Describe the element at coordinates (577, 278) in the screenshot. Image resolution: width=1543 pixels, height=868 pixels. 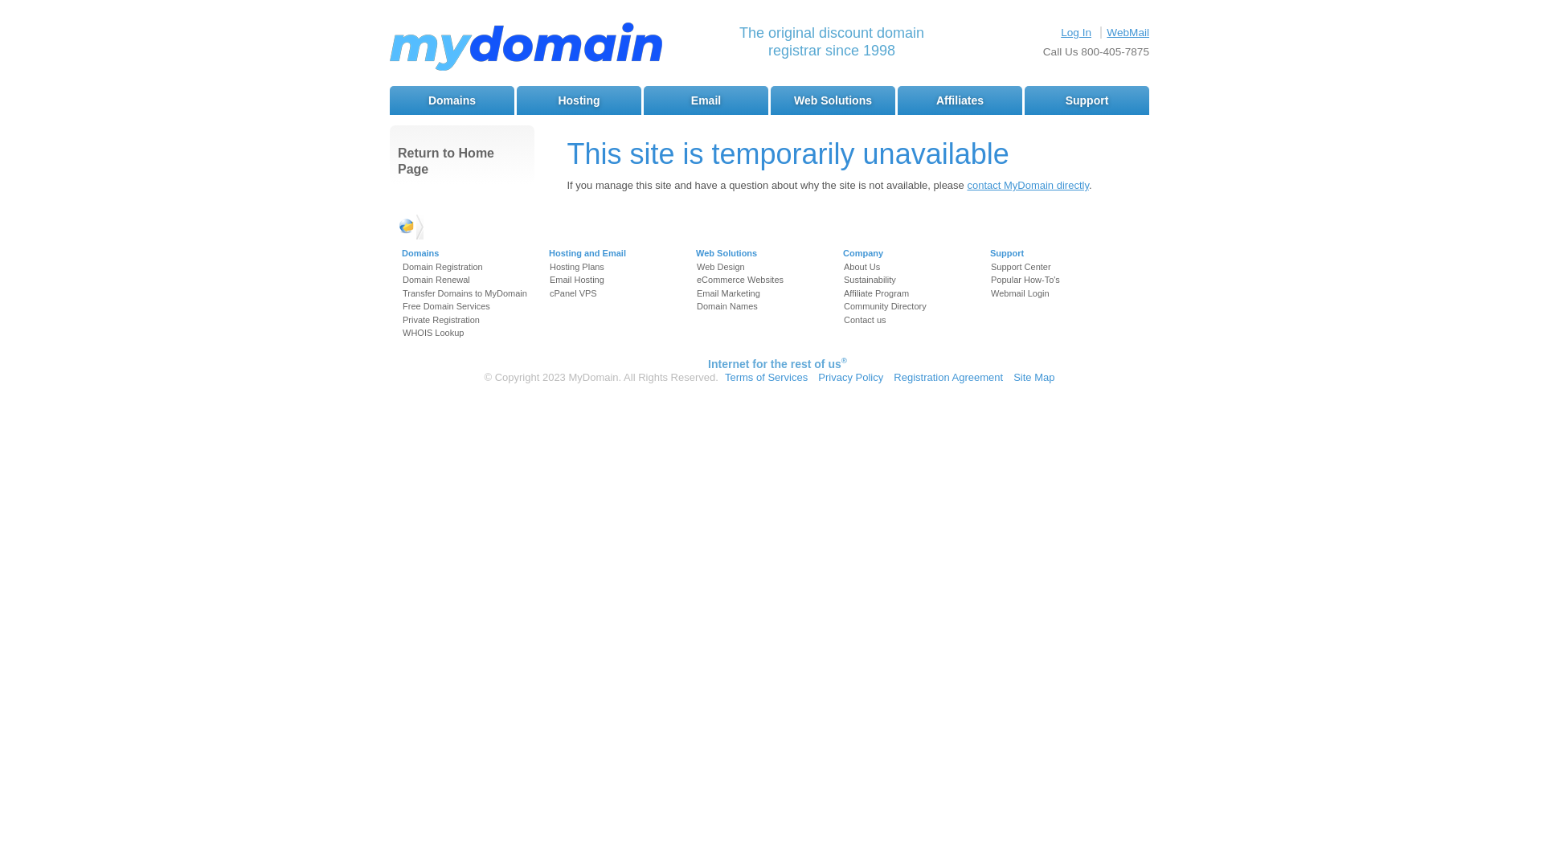
I see `'Email Hosting'` at that location.